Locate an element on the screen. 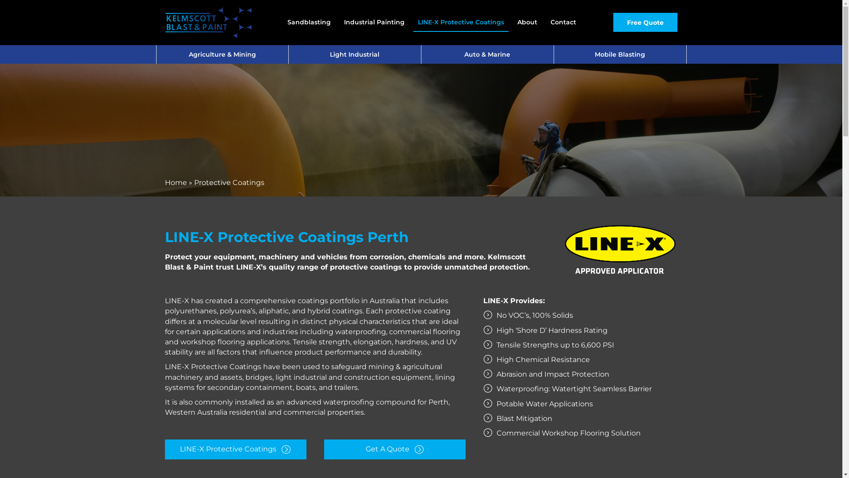  'Auto & Marine' is located at coordinates (487, 54).